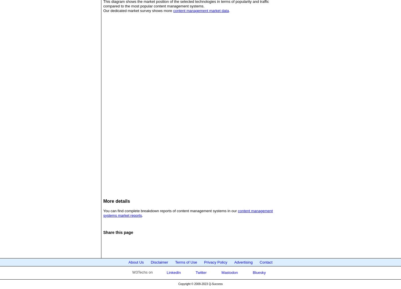 This screenshot has height=289, width=401. What do you see at coordinates (186, 262) in the screenshot?
I see `'Terms of Use'` at bounding box center [186, 262].